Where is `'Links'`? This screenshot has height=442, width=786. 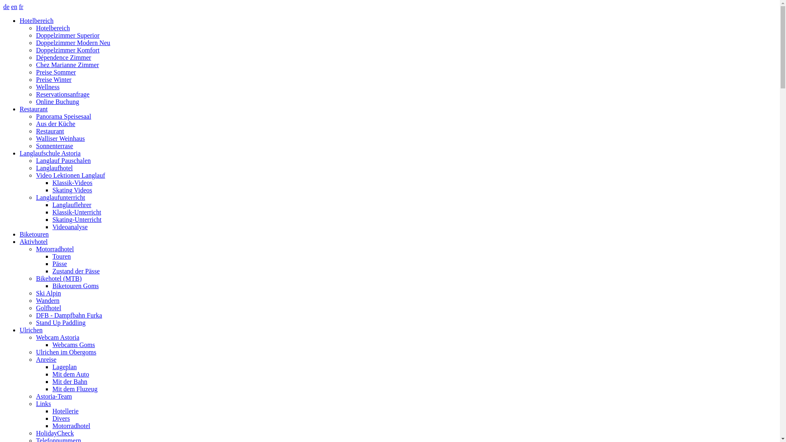 'Links' is located at coordinates (43, 403).